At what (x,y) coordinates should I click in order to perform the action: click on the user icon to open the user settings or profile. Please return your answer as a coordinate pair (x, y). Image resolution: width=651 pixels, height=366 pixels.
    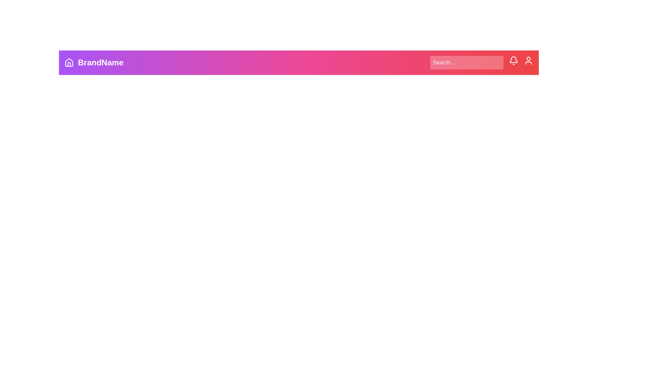
    Looking at the image, I should click on (528, 60).